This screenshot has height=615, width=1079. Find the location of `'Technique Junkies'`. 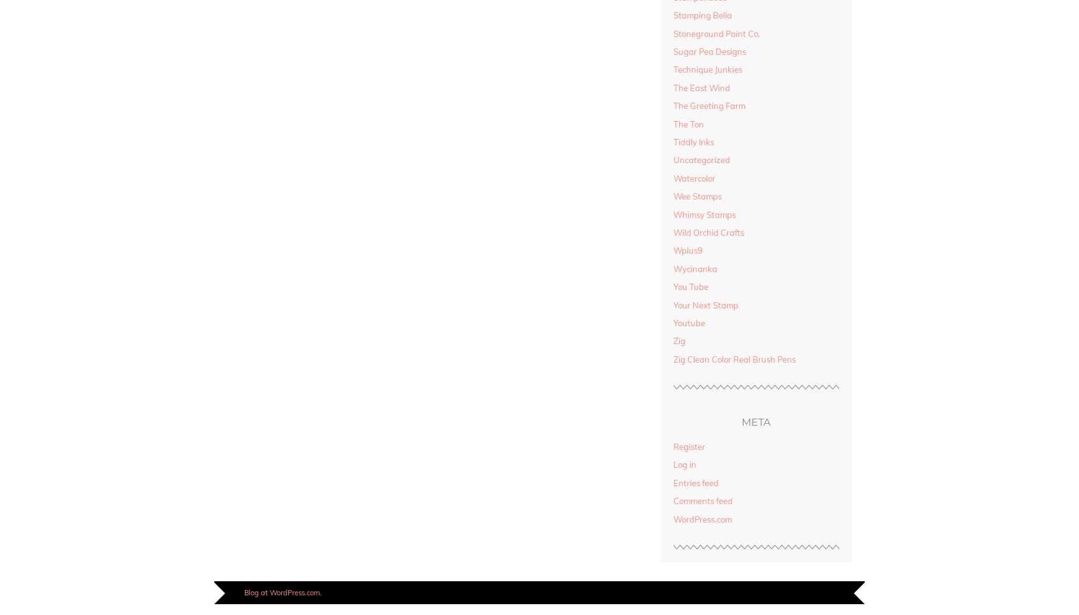

'Technique Junkies' is located at coordinates (707, 69).